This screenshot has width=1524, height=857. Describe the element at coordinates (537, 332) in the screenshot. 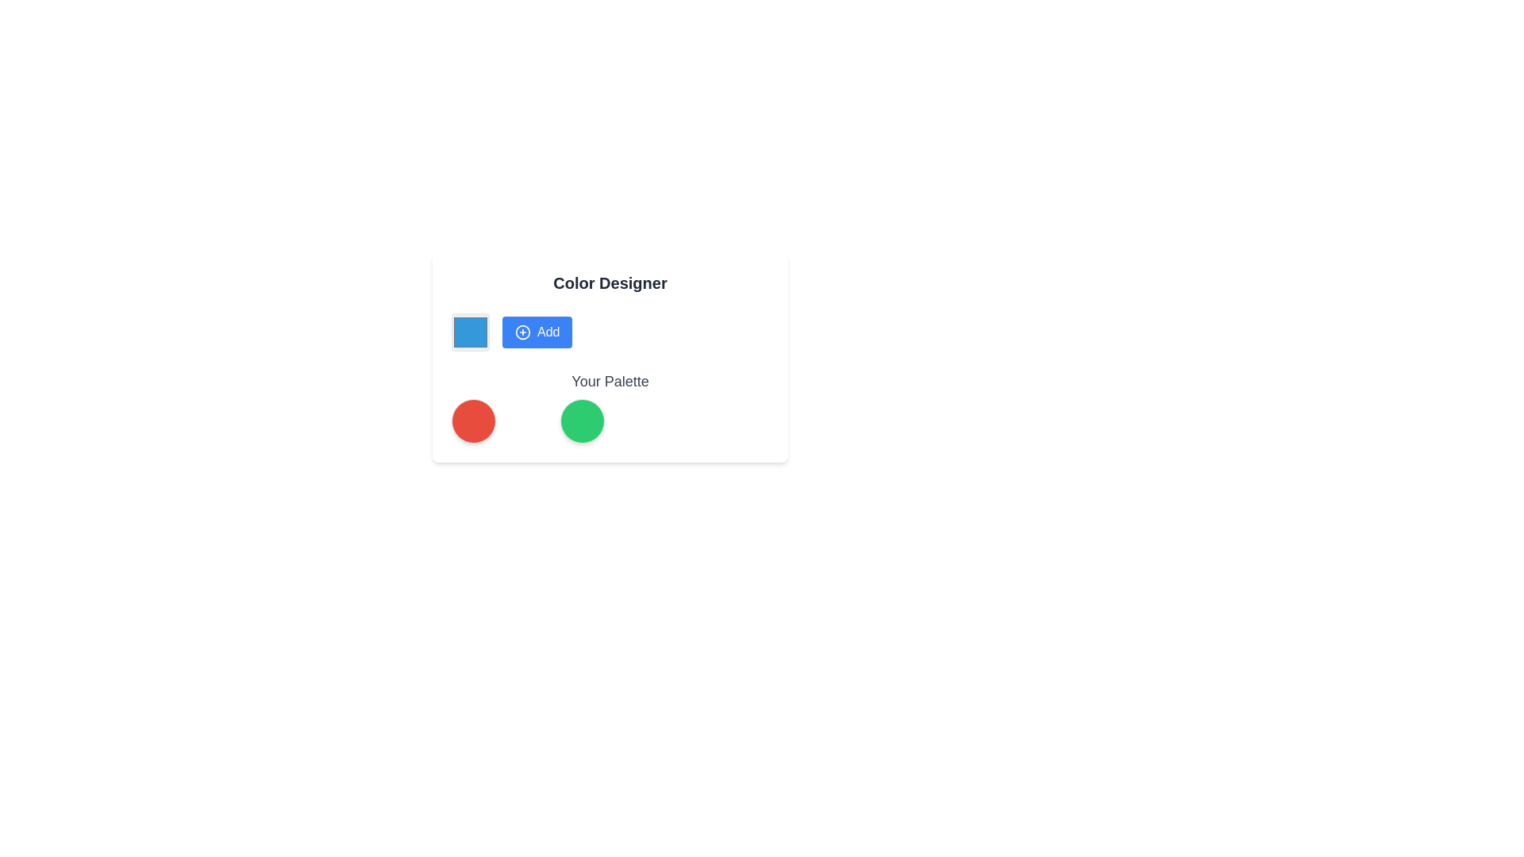

I see `the 'Add' button with a blue background and white text` at that location.